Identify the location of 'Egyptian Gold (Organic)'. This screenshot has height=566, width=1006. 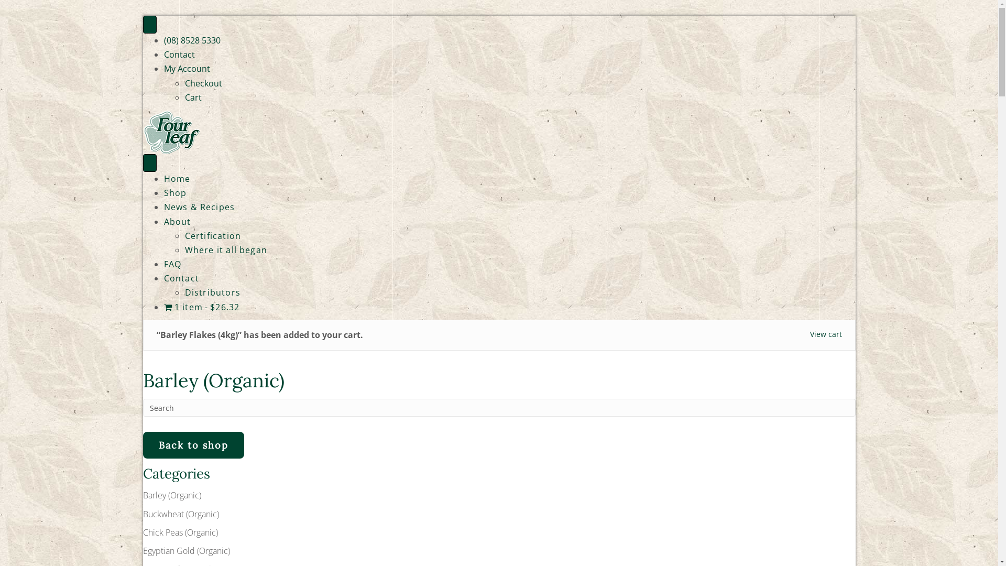
(186, 550).